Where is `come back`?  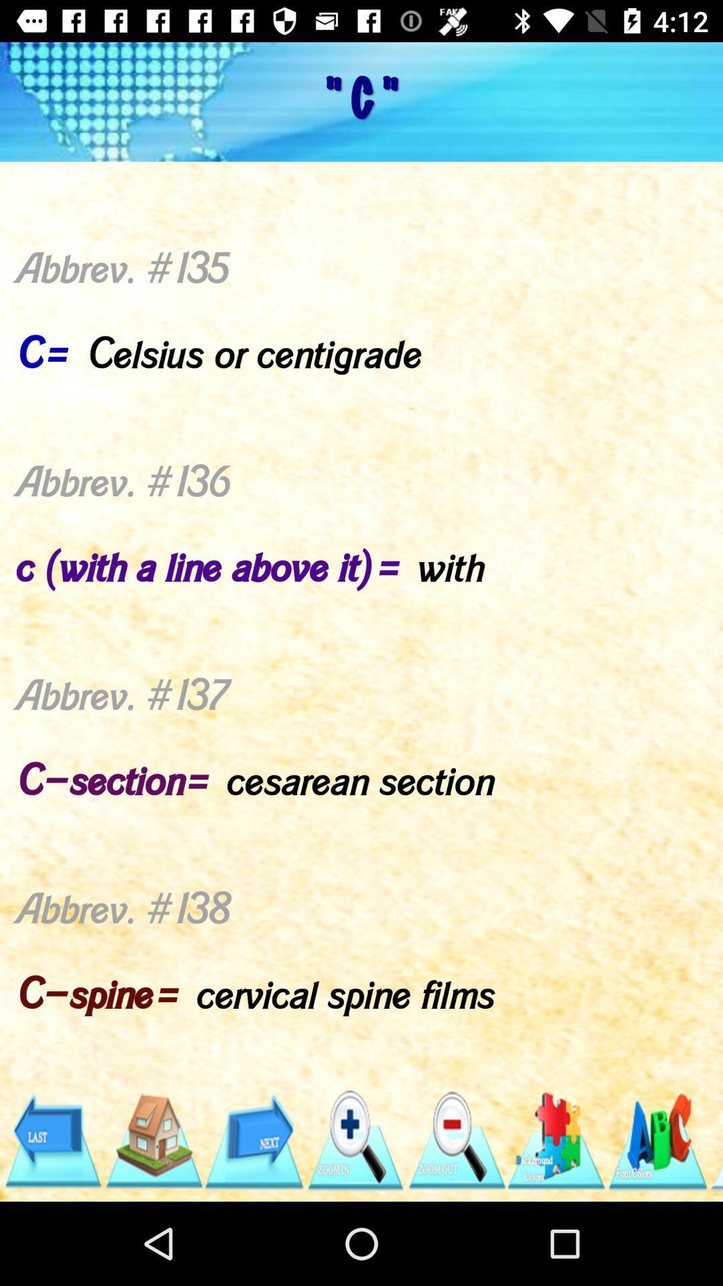 come back is located at coordinates (52, 1140).